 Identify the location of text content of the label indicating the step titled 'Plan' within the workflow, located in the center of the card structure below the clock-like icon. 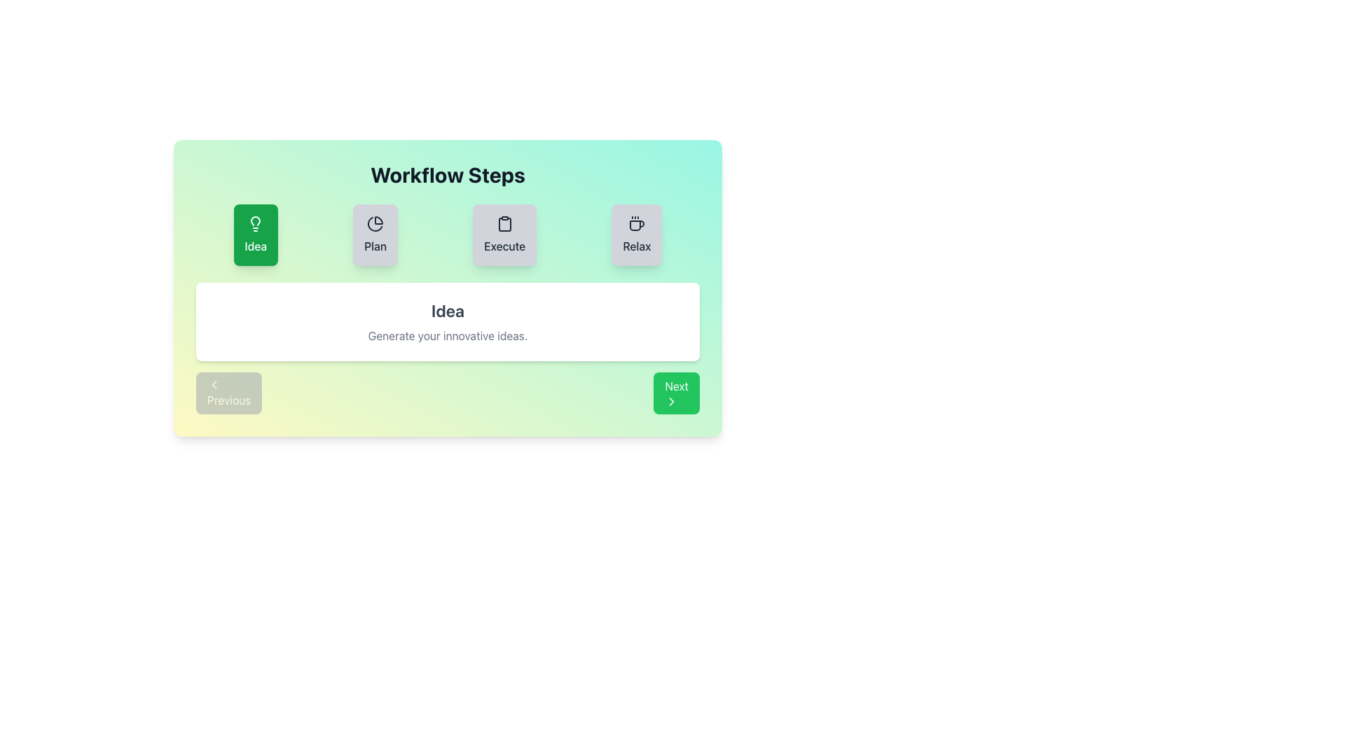
(375, 245).